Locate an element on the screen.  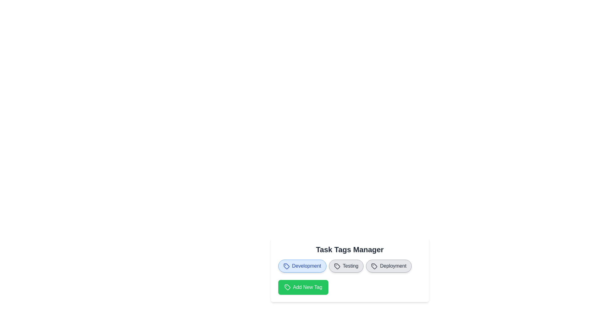
the icon located on the left side inside the 'Testing' button, which is the second button in a horizontal list under 'Task Tags Manager' is located at coordinates (337, 266).